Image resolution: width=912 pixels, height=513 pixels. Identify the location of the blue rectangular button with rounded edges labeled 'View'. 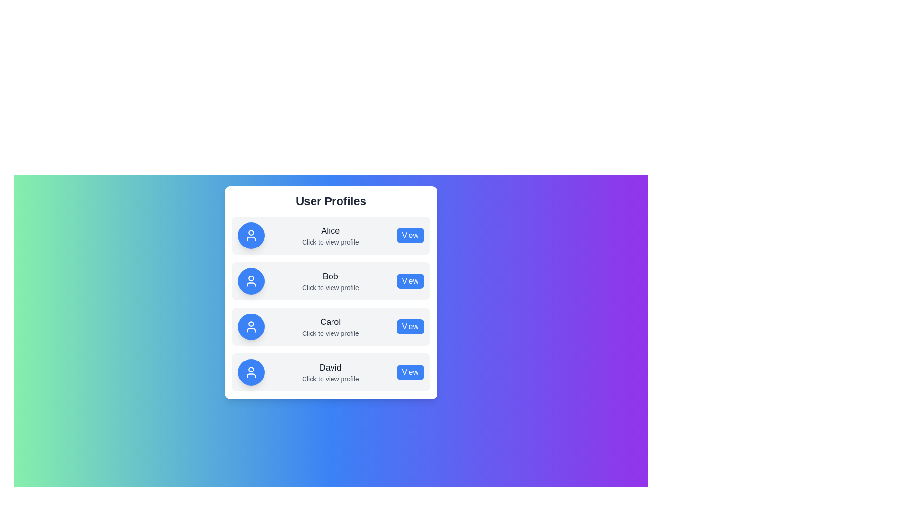
(410, 280).